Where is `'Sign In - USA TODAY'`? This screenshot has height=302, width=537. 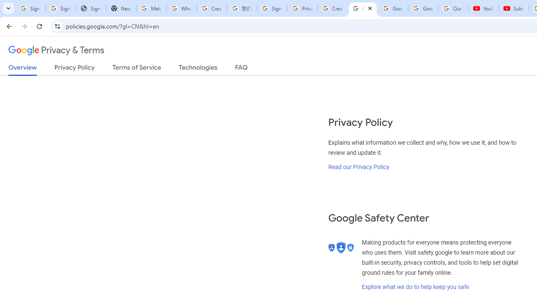 'Sign In - USA TODAY' is located at coordinates (91, 8).